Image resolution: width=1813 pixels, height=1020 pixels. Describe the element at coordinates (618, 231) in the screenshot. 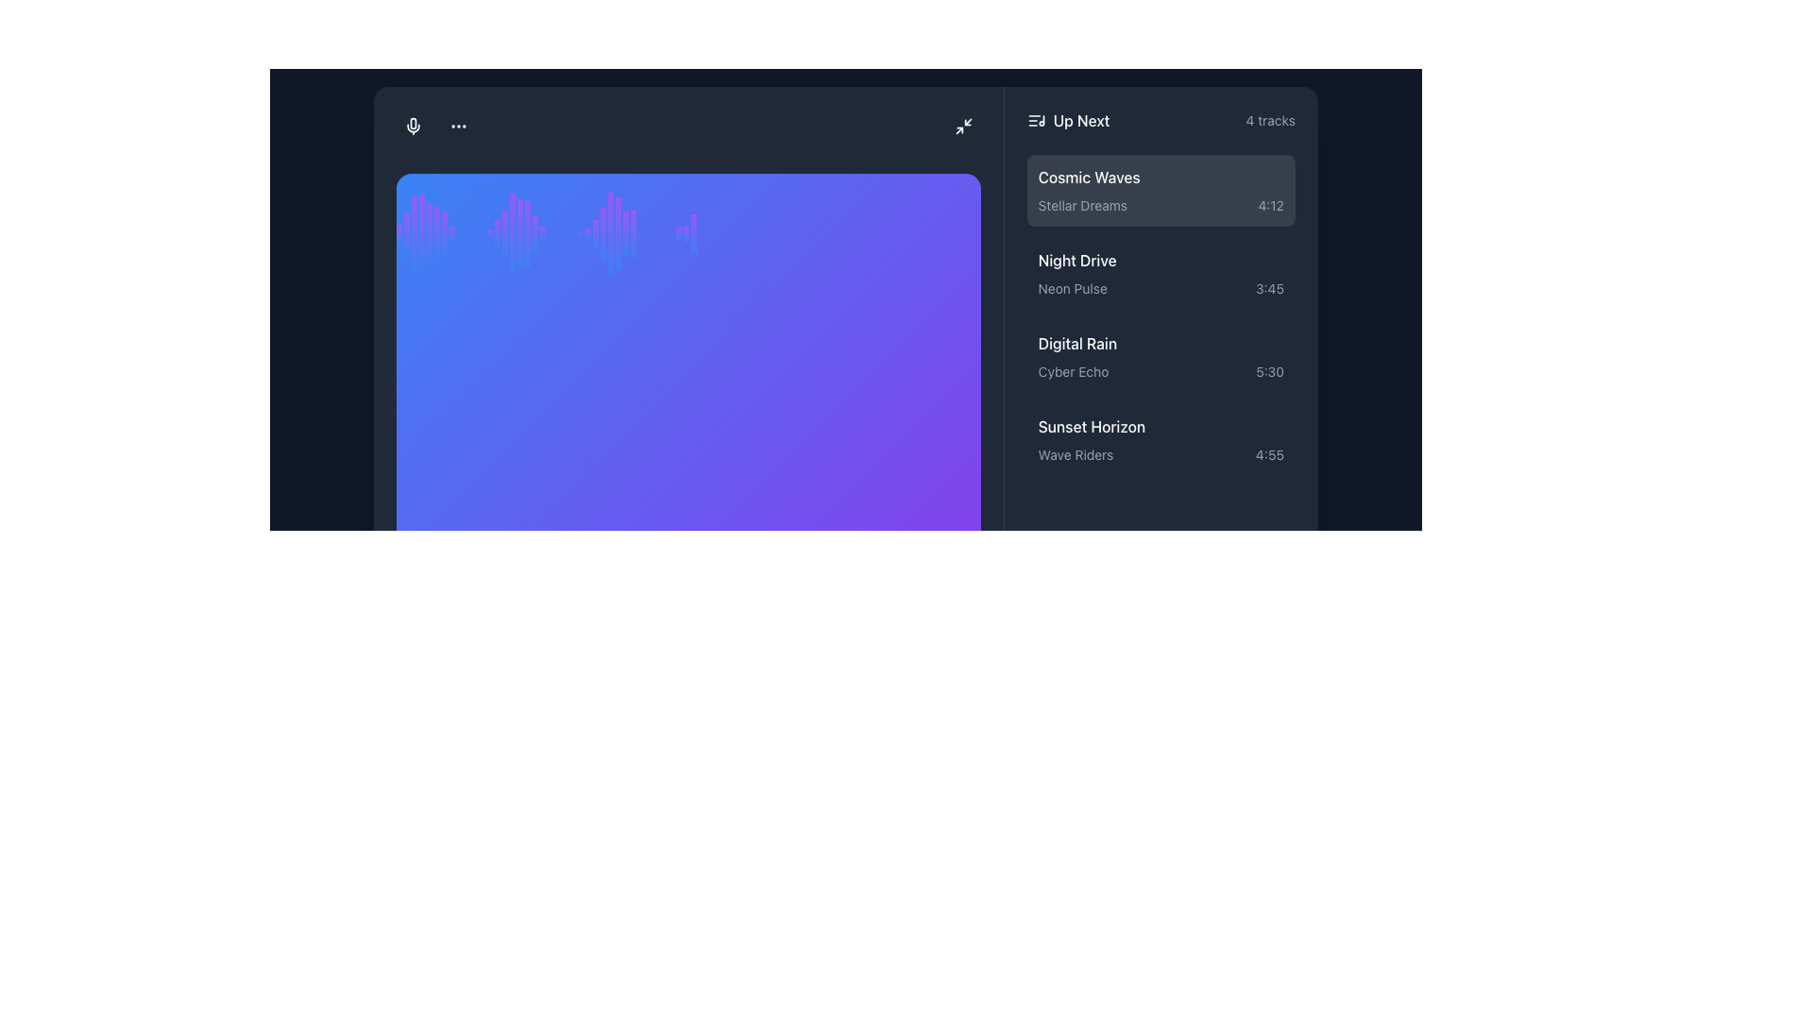

I see `the vertical bar in the audio waveform representation, which has a gradient color transitioning from blue at the base to purple at the top, and is positioned 31st from the left within its group` at that location.